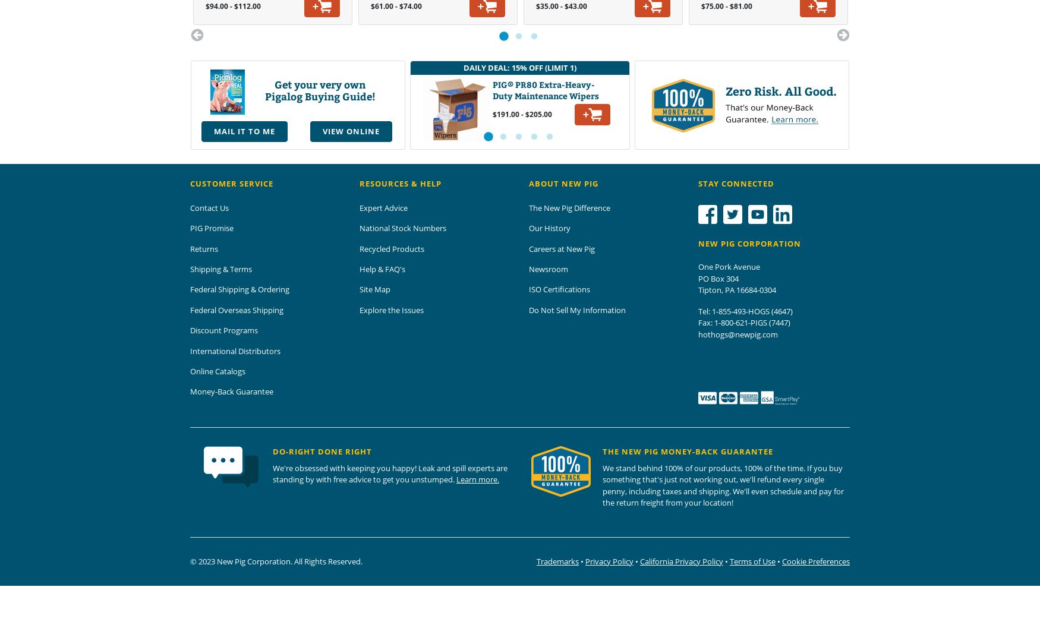 The width and height of the screenshot is (1040, 625). I want to click on 'Customer Service', so click(190, 182).